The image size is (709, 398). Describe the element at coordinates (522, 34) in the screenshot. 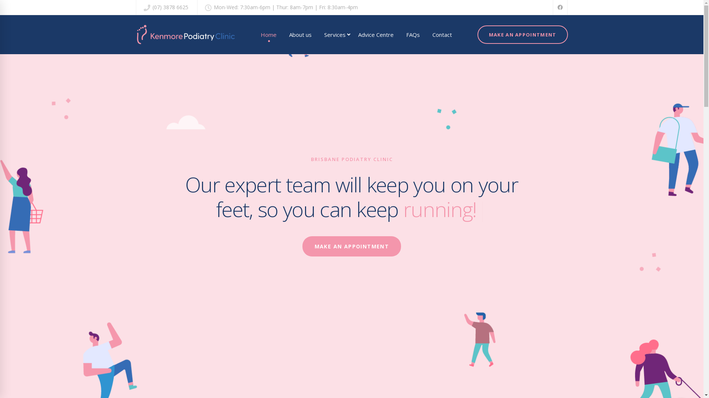

I see `'MAKE AN APPOINTMENT'` at that location.